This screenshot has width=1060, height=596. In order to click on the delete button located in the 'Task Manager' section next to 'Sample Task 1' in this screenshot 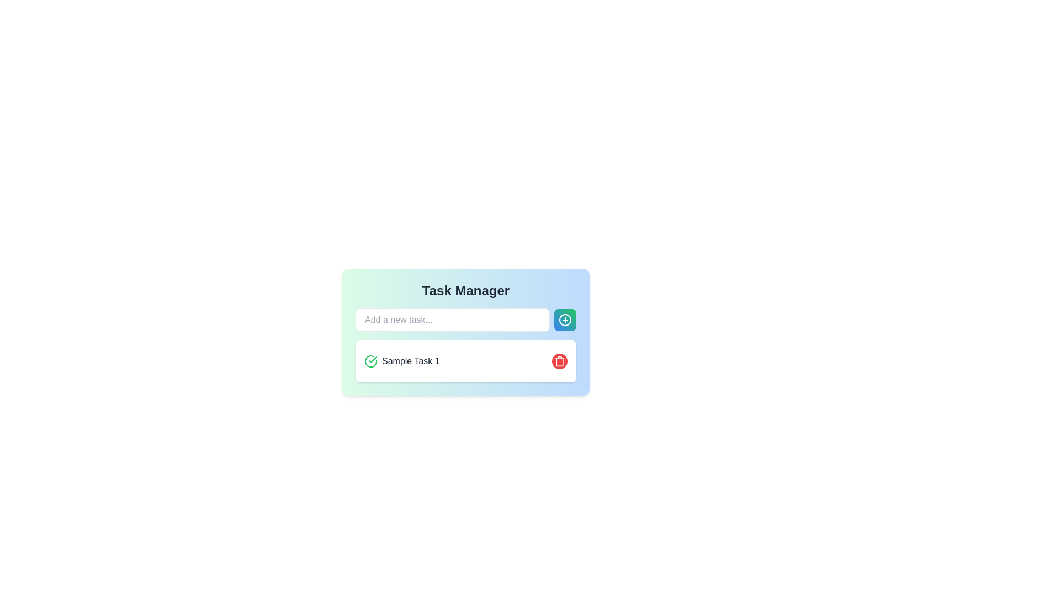, I will do `click(559, 361)`.